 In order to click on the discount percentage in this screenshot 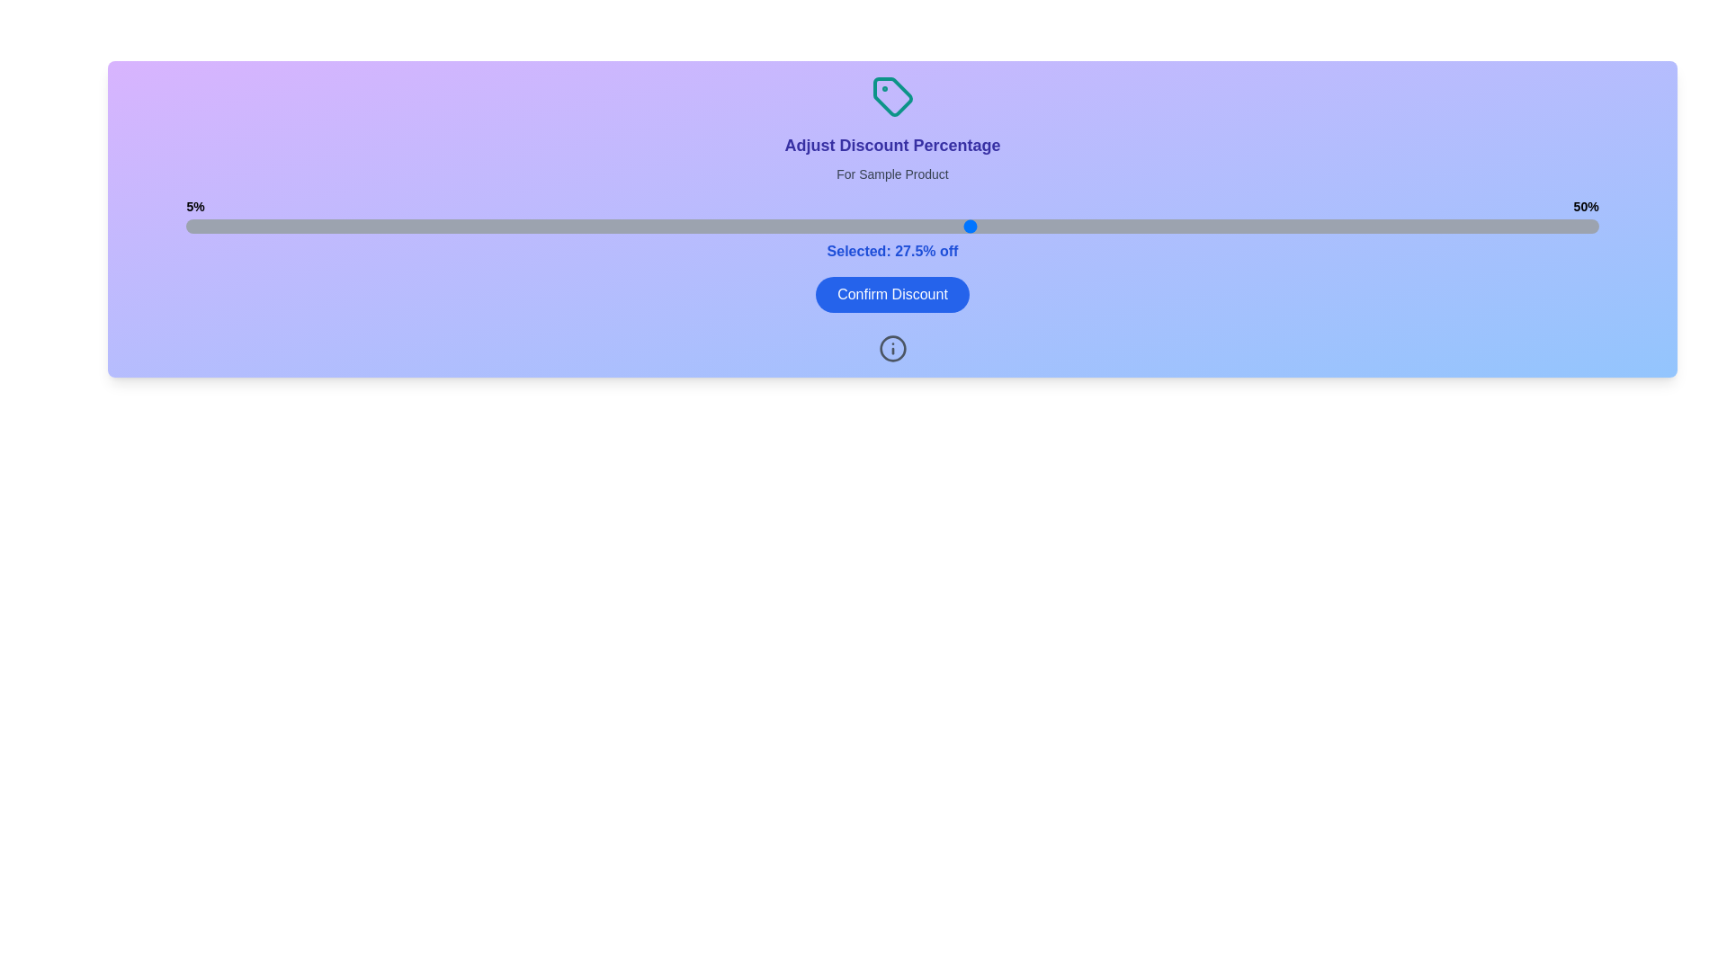, I will do `click(562, 225)`.